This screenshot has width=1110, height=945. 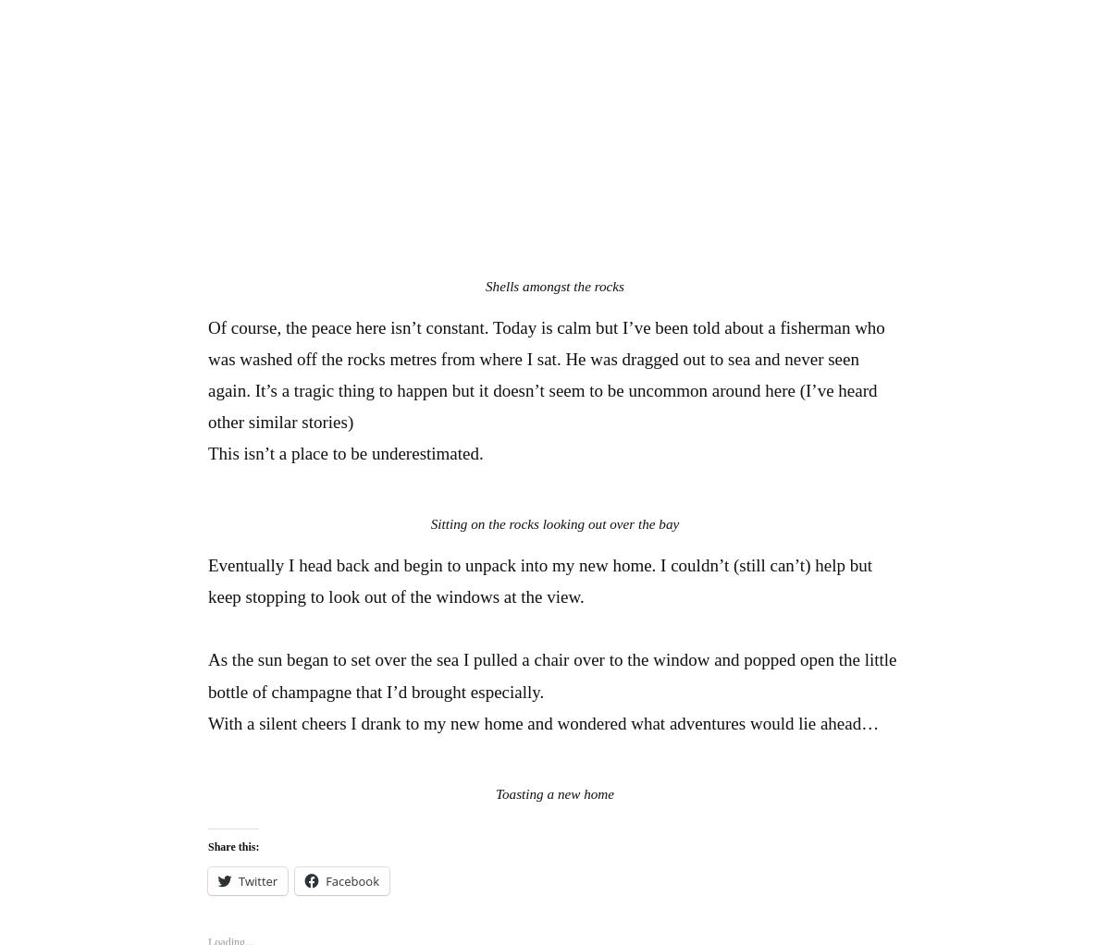 I want to click on 'As the sun began to set over the sea I pulled a chair over to the window and popped open the little bottle of champagne that I’d brought especially.', so click(x=551, y=675).